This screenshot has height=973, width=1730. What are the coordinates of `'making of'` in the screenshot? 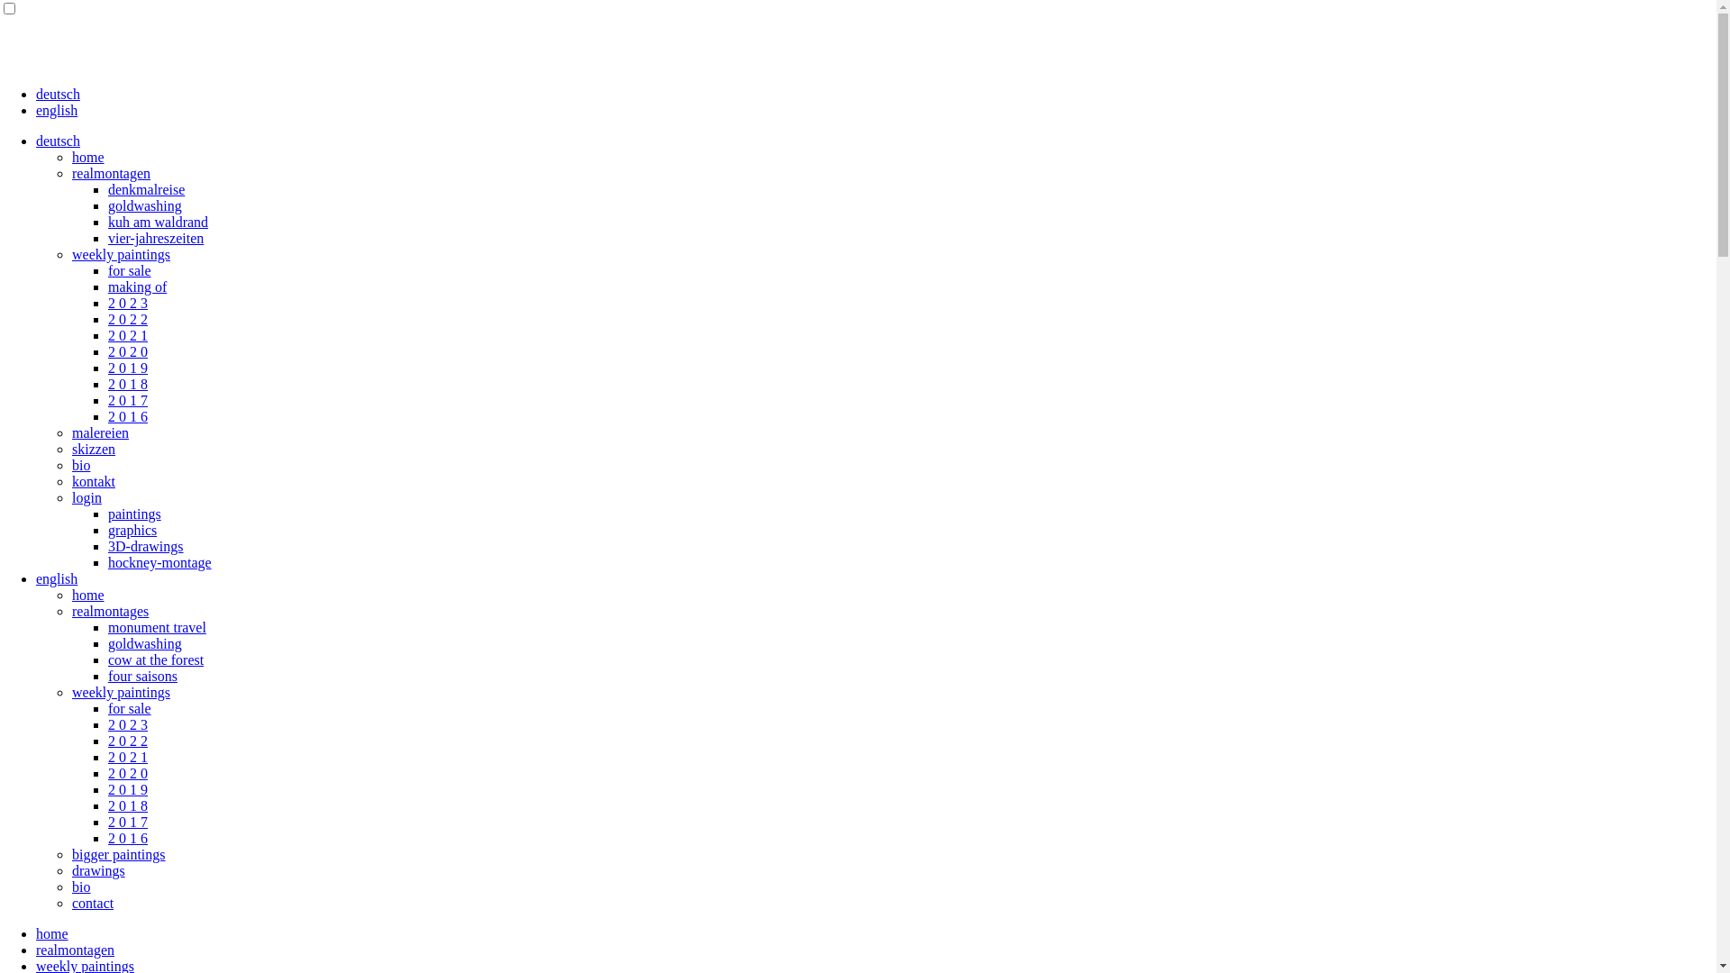 It's located at (136, 286).